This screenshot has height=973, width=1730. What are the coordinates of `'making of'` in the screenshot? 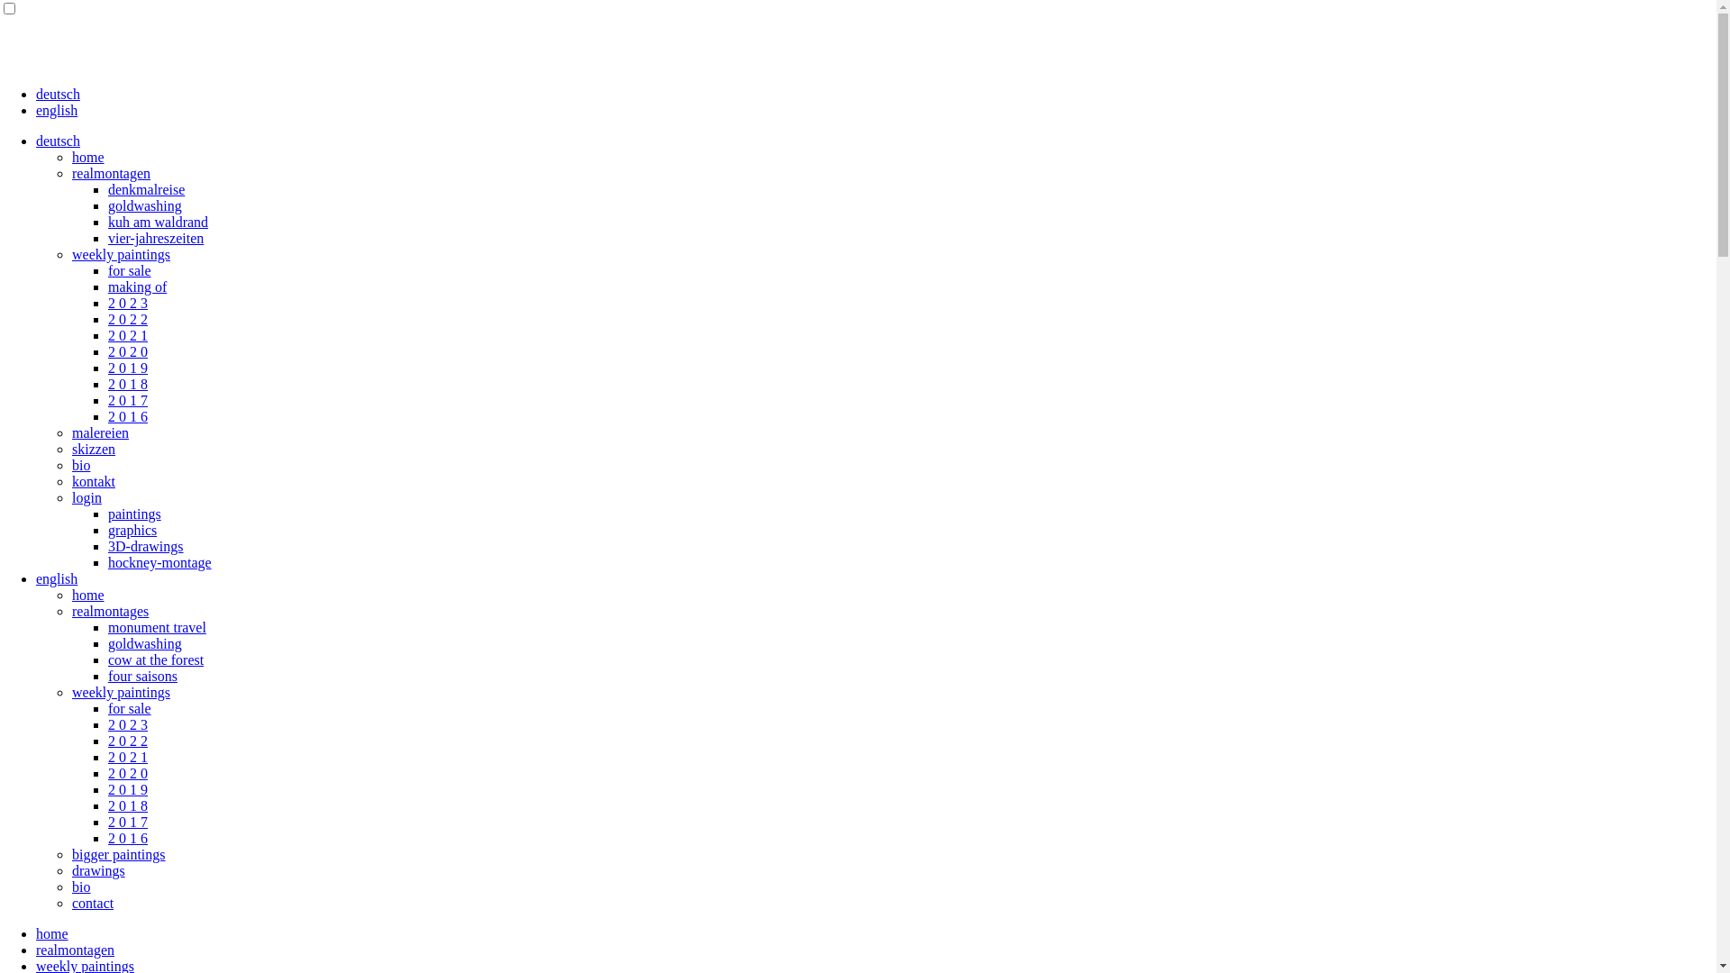 It's located at (136, 286).